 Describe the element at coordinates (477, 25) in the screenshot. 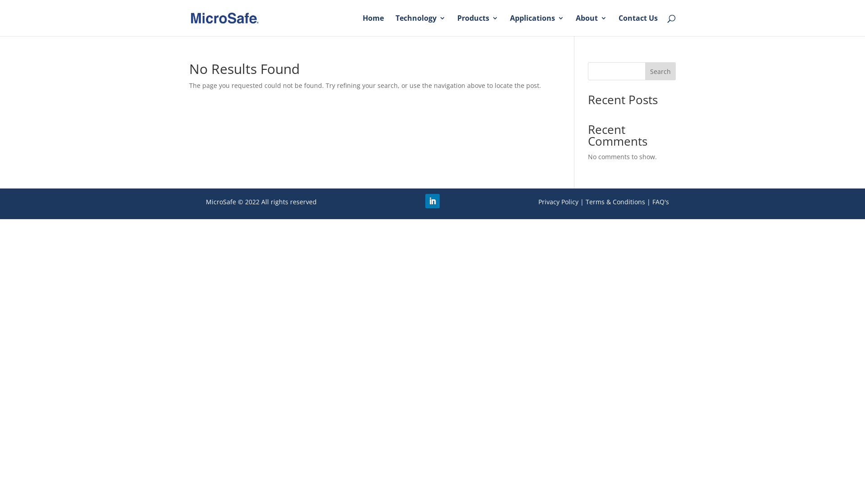

I see `'Products'` at that location.